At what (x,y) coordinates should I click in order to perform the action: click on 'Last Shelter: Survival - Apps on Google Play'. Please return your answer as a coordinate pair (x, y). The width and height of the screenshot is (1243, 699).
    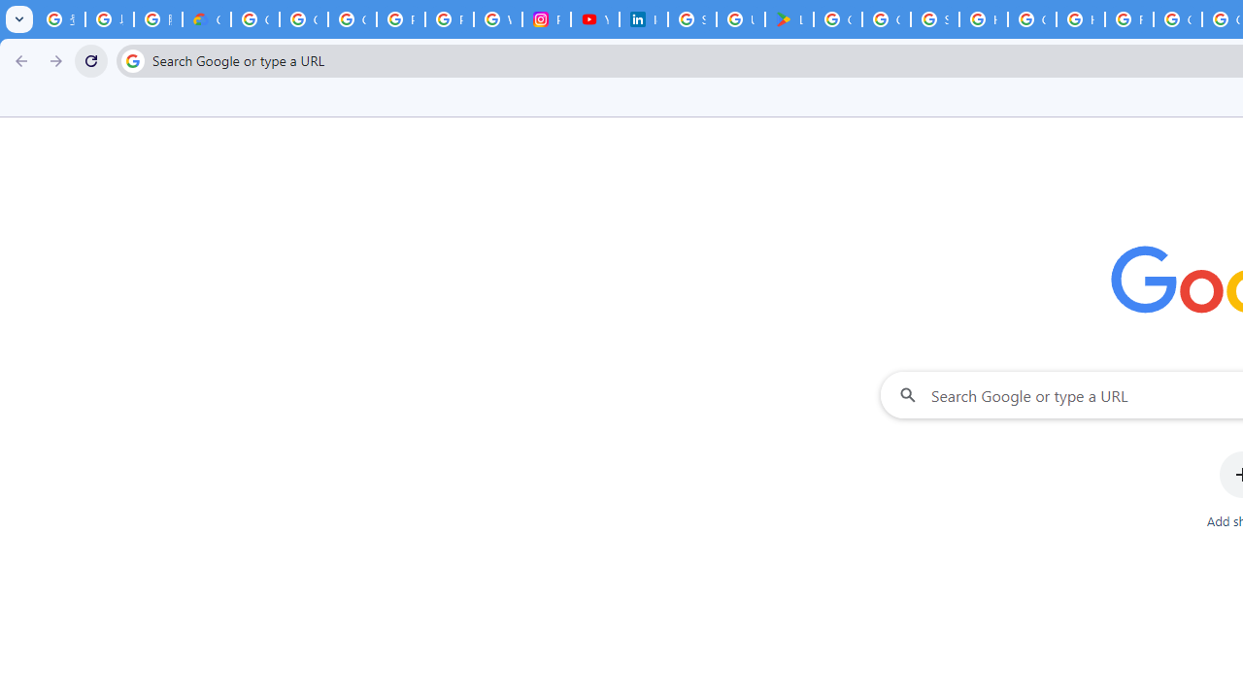
    Looking at the image, I should click on (789, 19).